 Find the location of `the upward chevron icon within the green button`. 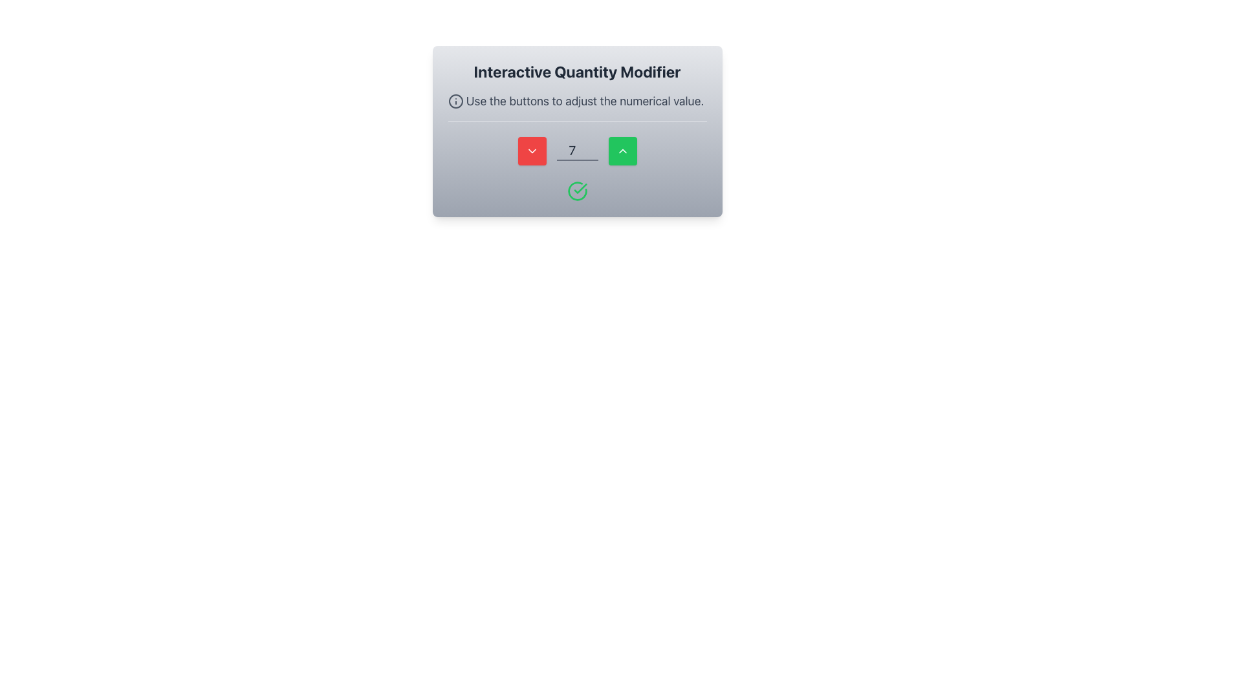

the upward chevron icon within the green button is located at coordinates (622, 151).